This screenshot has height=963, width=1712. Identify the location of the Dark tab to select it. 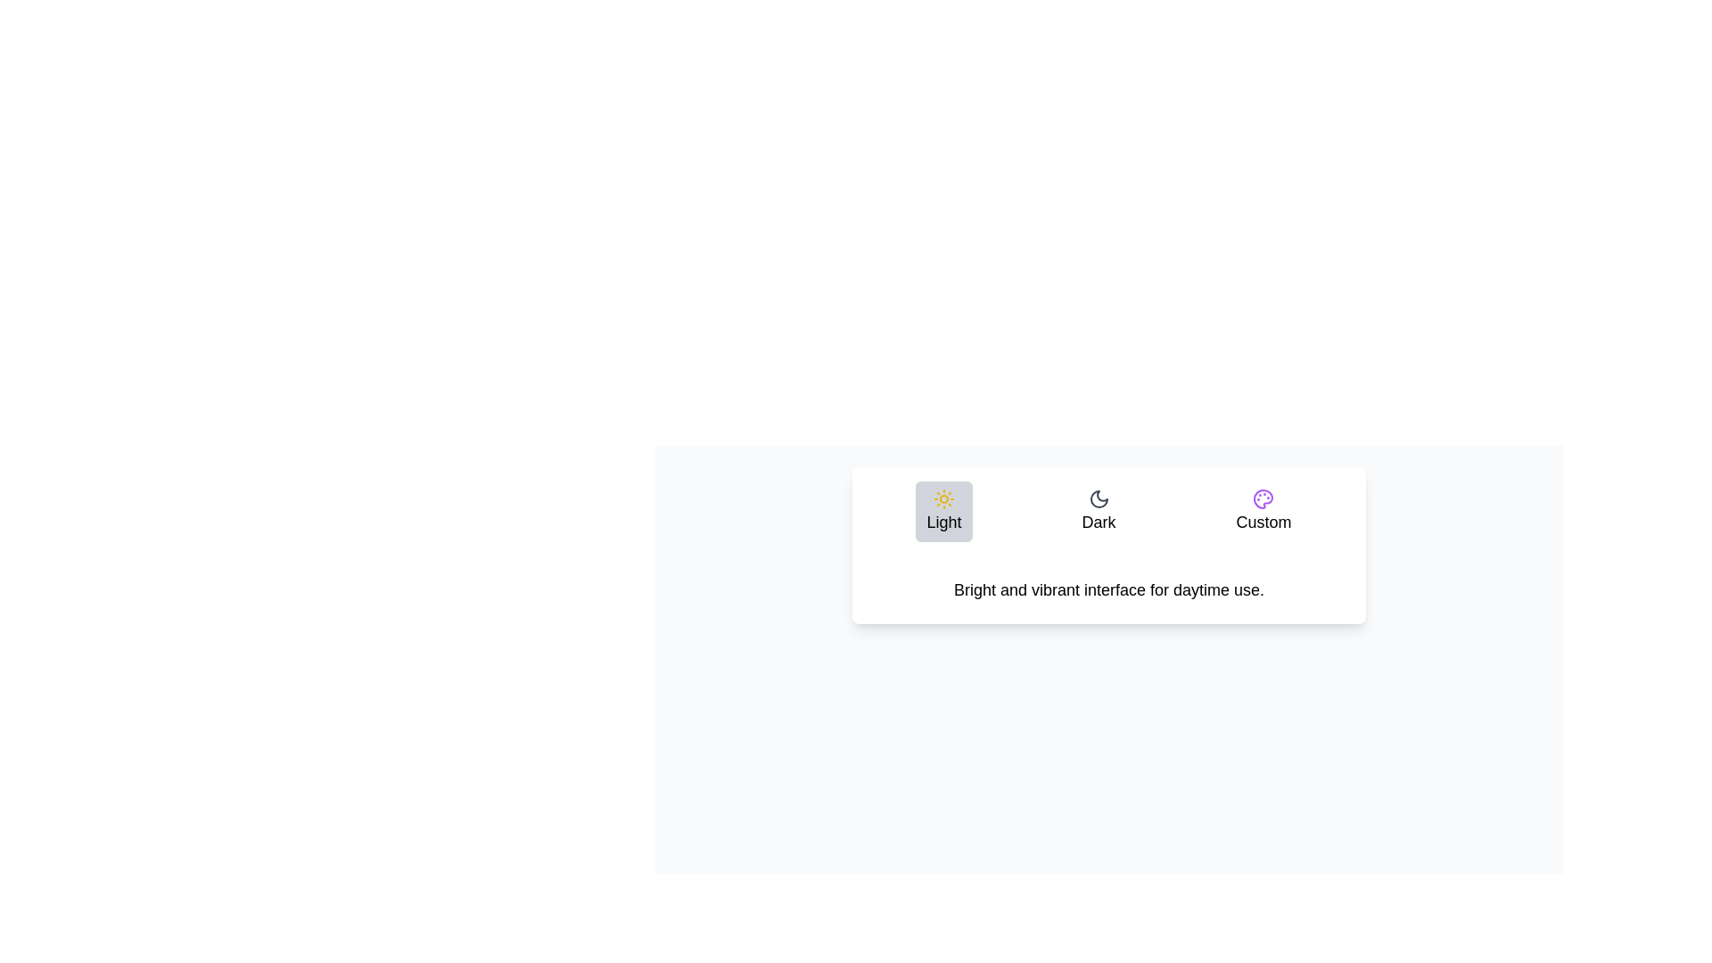
(1098, 512).